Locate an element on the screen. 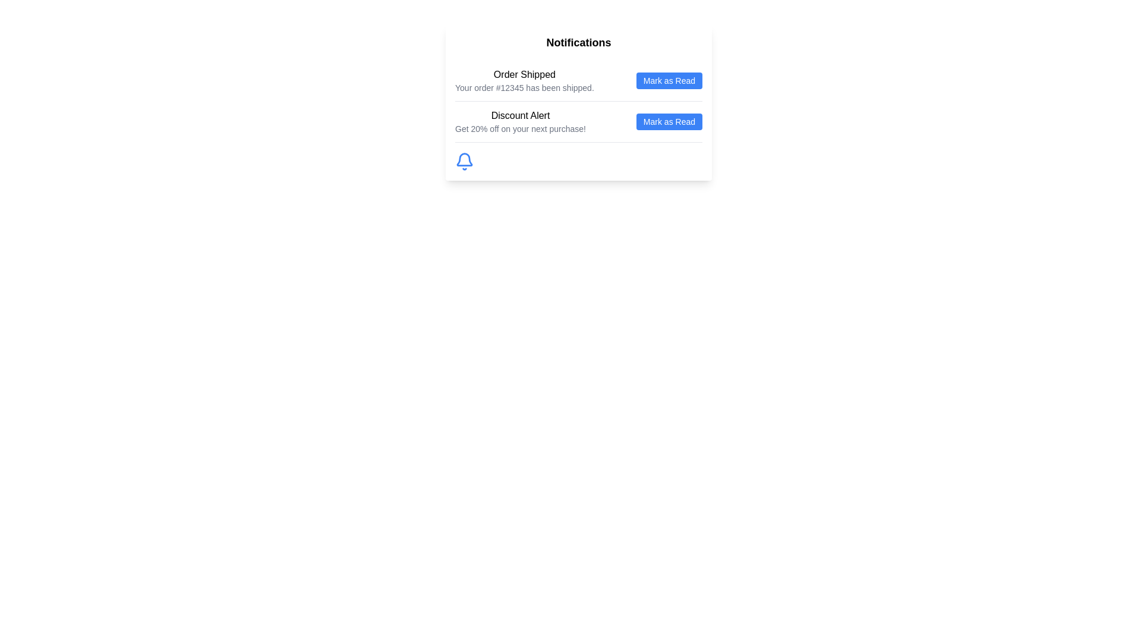 This screenshot has height=642, width=1141. the static text label providing contextual information about the 'Discount Alert' notification, which is positioned directly below the 'Discount Alert' element is located at coordinates (520, 128).